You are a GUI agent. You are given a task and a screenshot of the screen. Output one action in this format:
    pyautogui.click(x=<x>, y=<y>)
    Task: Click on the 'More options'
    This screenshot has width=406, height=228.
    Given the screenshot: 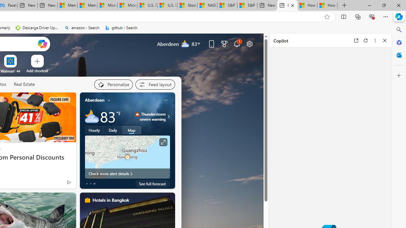 What is the action you would take?
    pyautogui.click(x=375, y=40)
    